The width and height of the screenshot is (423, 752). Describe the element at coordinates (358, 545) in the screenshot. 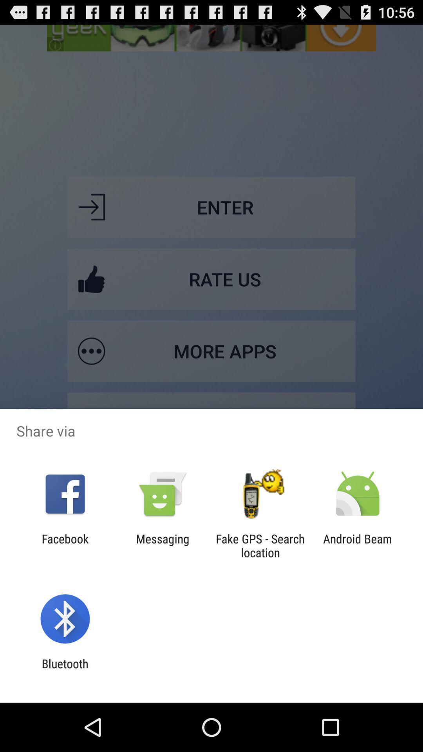

I see `the android beam at the bottom right corner` at that location.